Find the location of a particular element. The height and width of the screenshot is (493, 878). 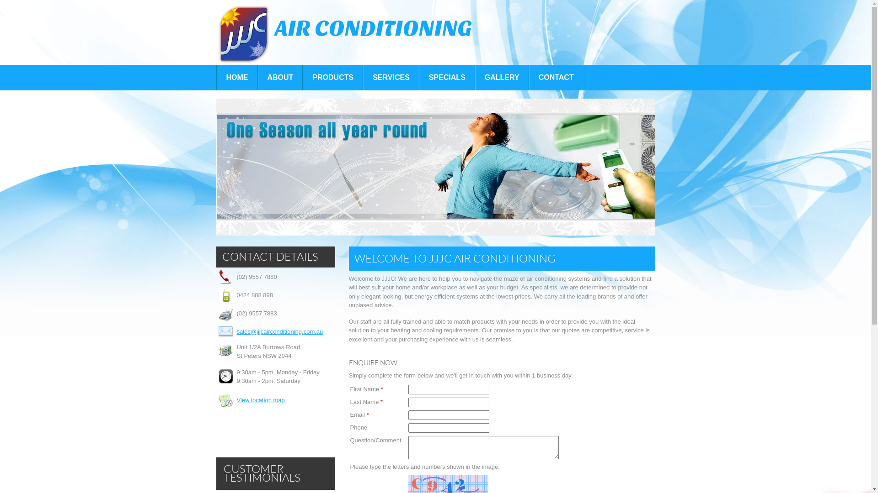

'SERVICES' is located at coordinates (391, 77).